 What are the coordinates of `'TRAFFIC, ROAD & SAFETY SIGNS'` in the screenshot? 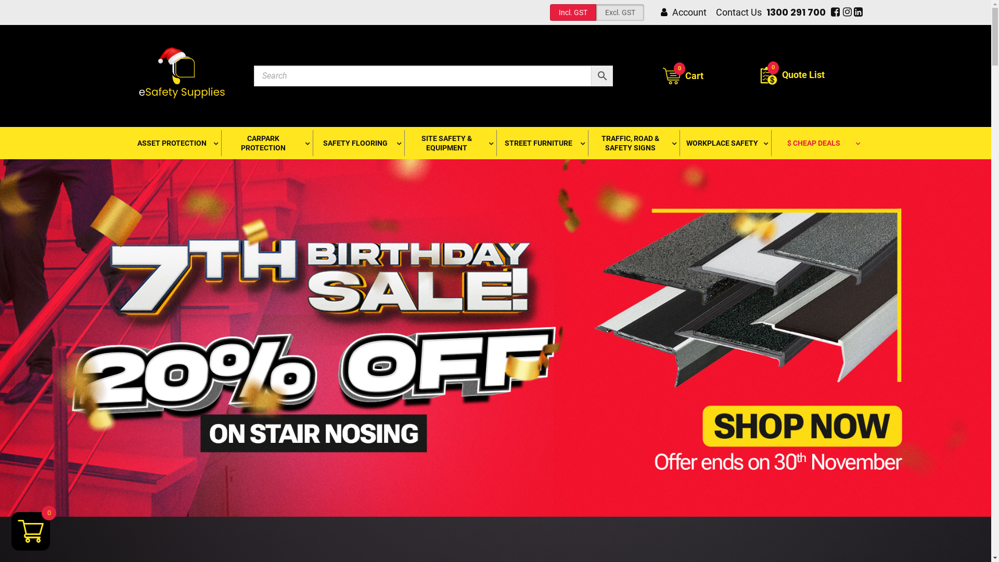 It's located at (633, 143).